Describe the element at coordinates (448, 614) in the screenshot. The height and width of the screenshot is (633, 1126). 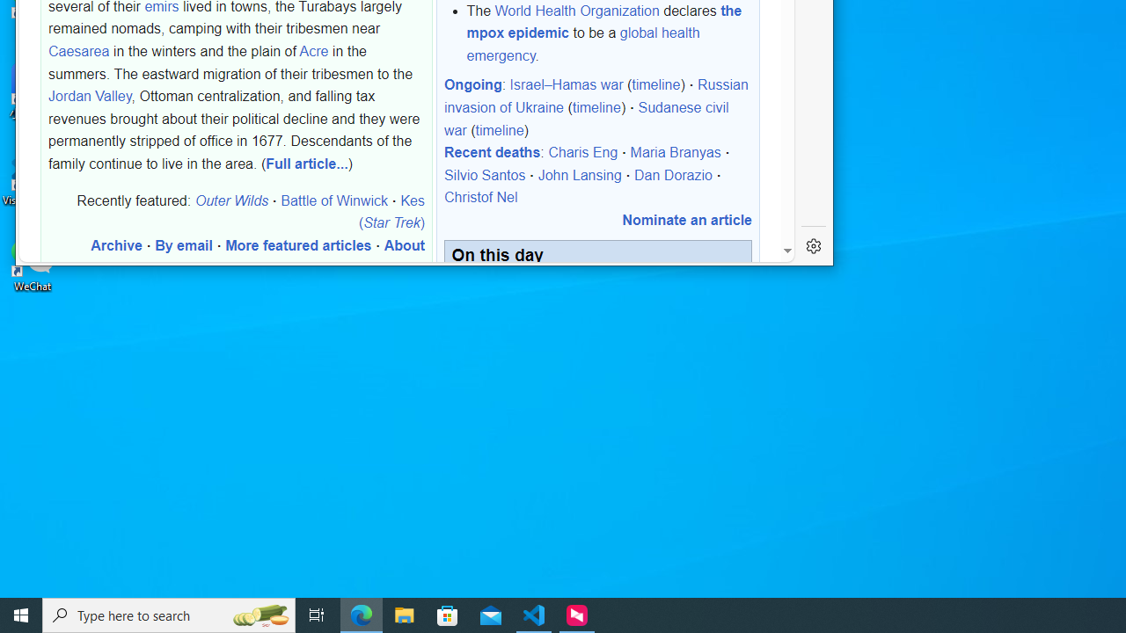
I see `'Microsoft Store'` at that location.